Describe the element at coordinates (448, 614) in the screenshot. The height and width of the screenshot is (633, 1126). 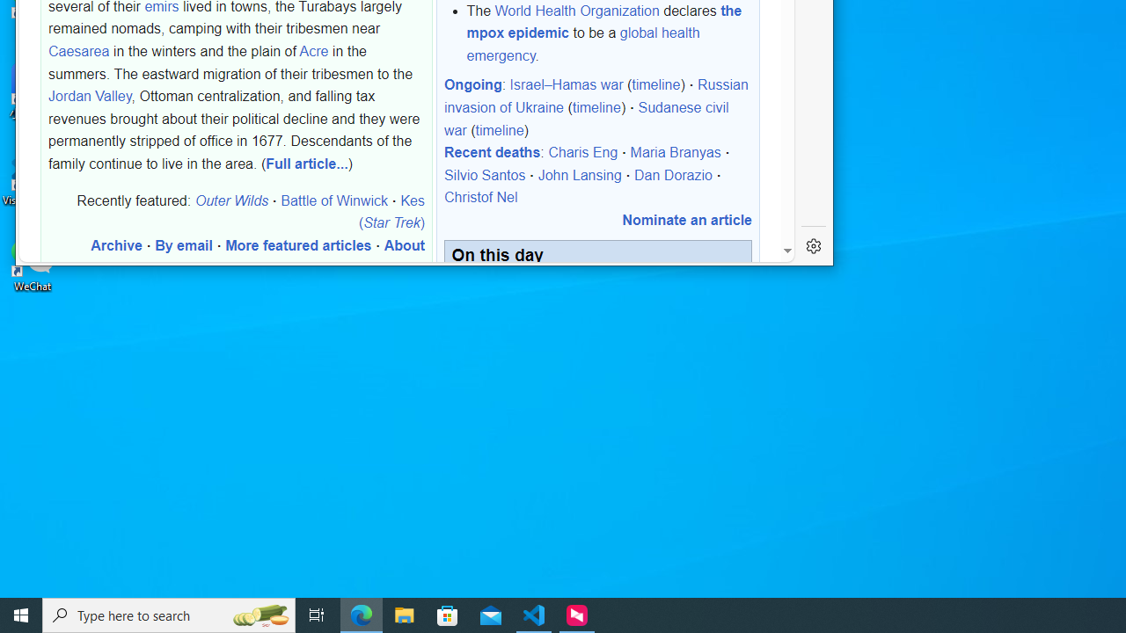
I see `'Microsoft Store'` at that location.